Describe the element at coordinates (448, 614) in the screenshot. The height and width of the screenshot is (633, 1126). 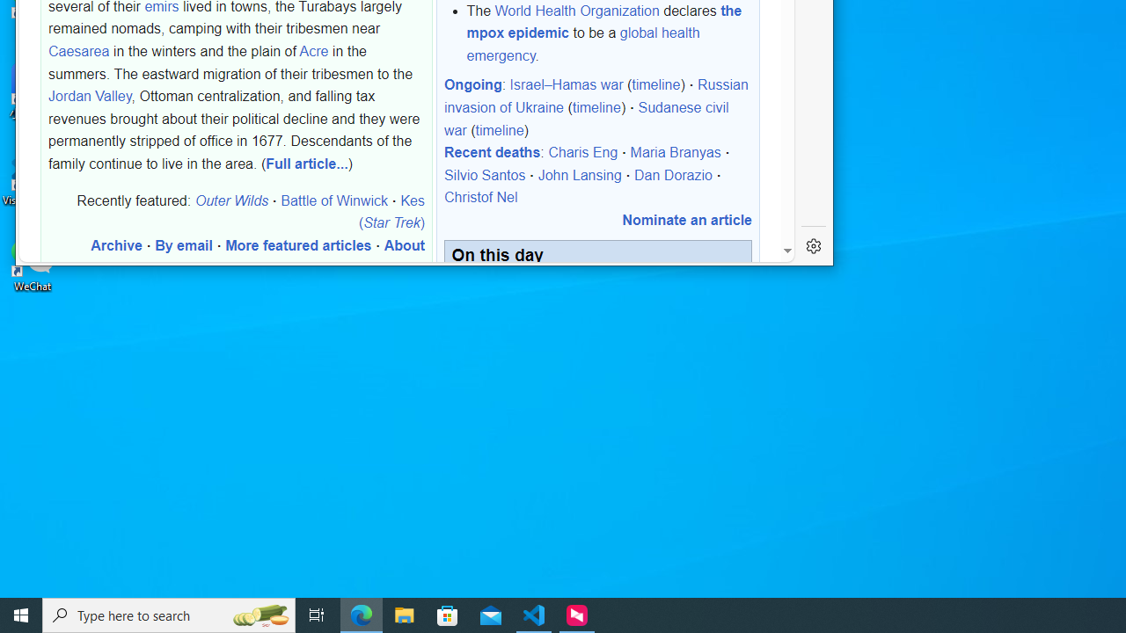
I see `'Microsoft Store'` at that location.